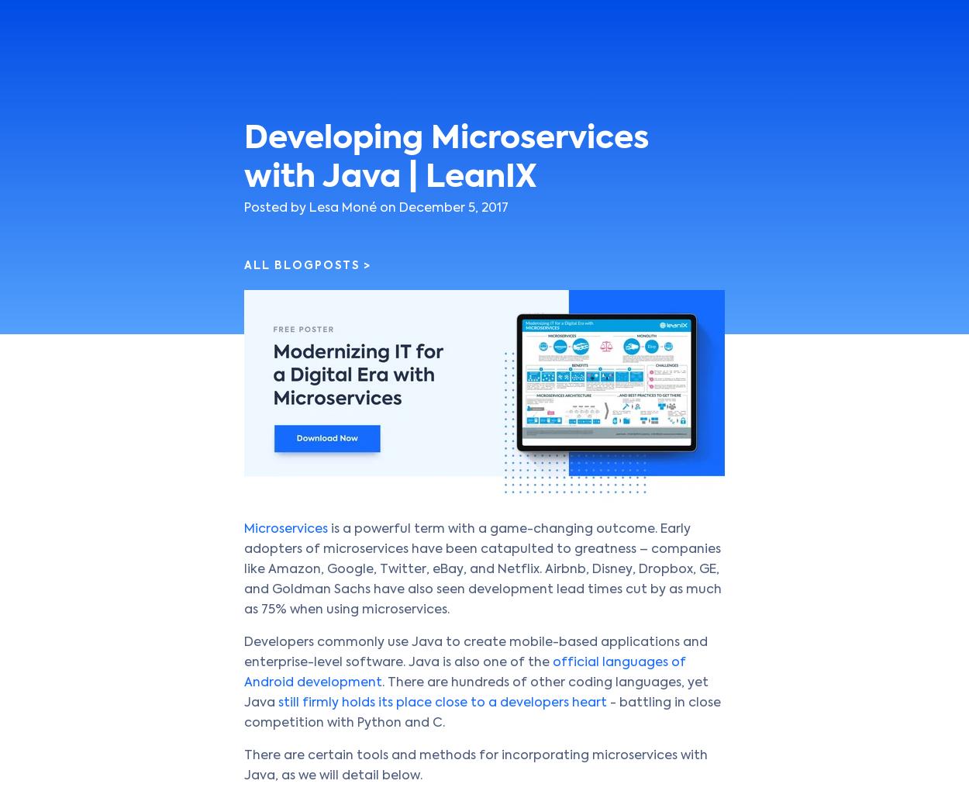  I want to click on 'java frameworks', so click(380, 78).